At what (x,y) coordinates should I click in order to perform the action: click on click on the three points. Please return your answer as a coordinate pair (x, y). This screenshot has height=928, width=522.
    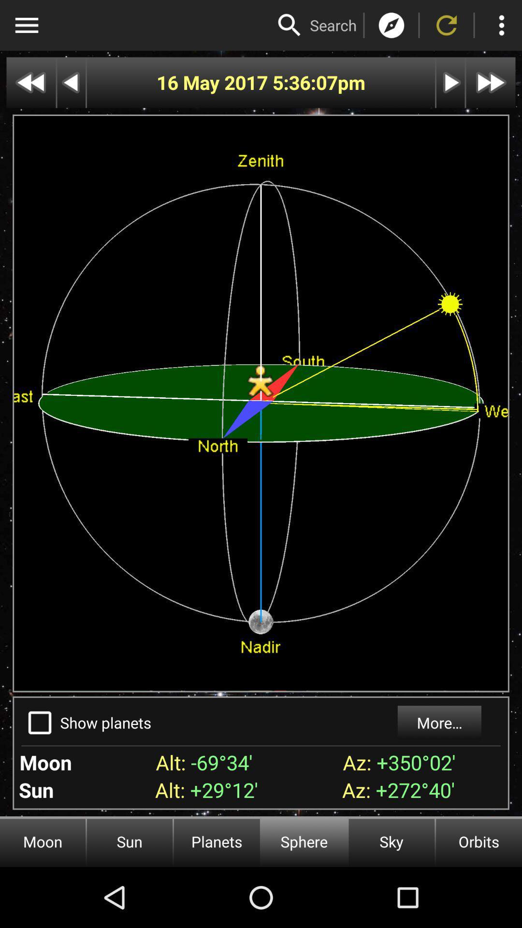
    Looking at the image, I should click on (501, 25).